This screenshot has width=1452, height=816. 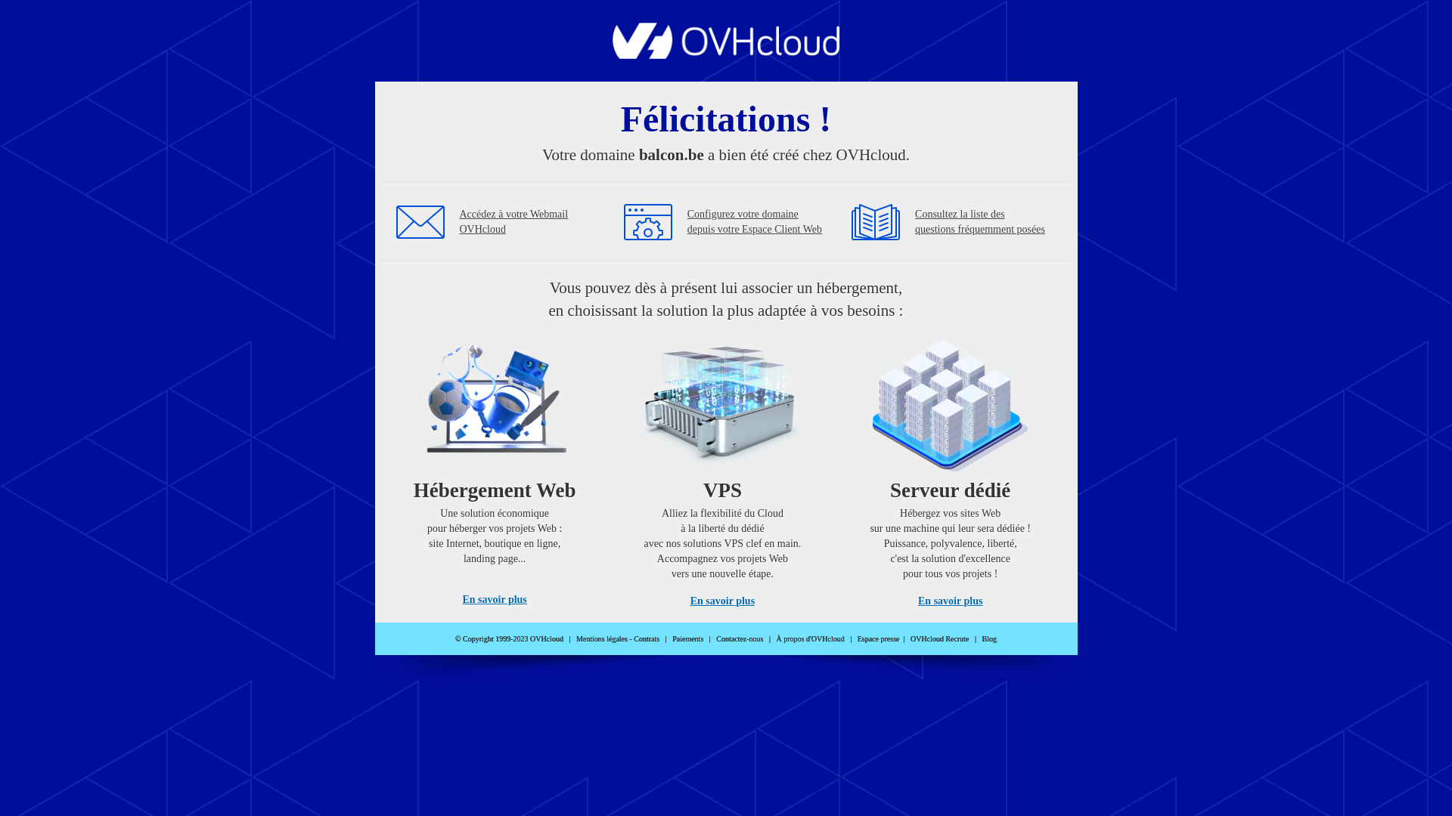 What do you see at coordinates (949, 600) in the screenshot?
I see `'En savoir plus'` at bounding box center [949, 600].